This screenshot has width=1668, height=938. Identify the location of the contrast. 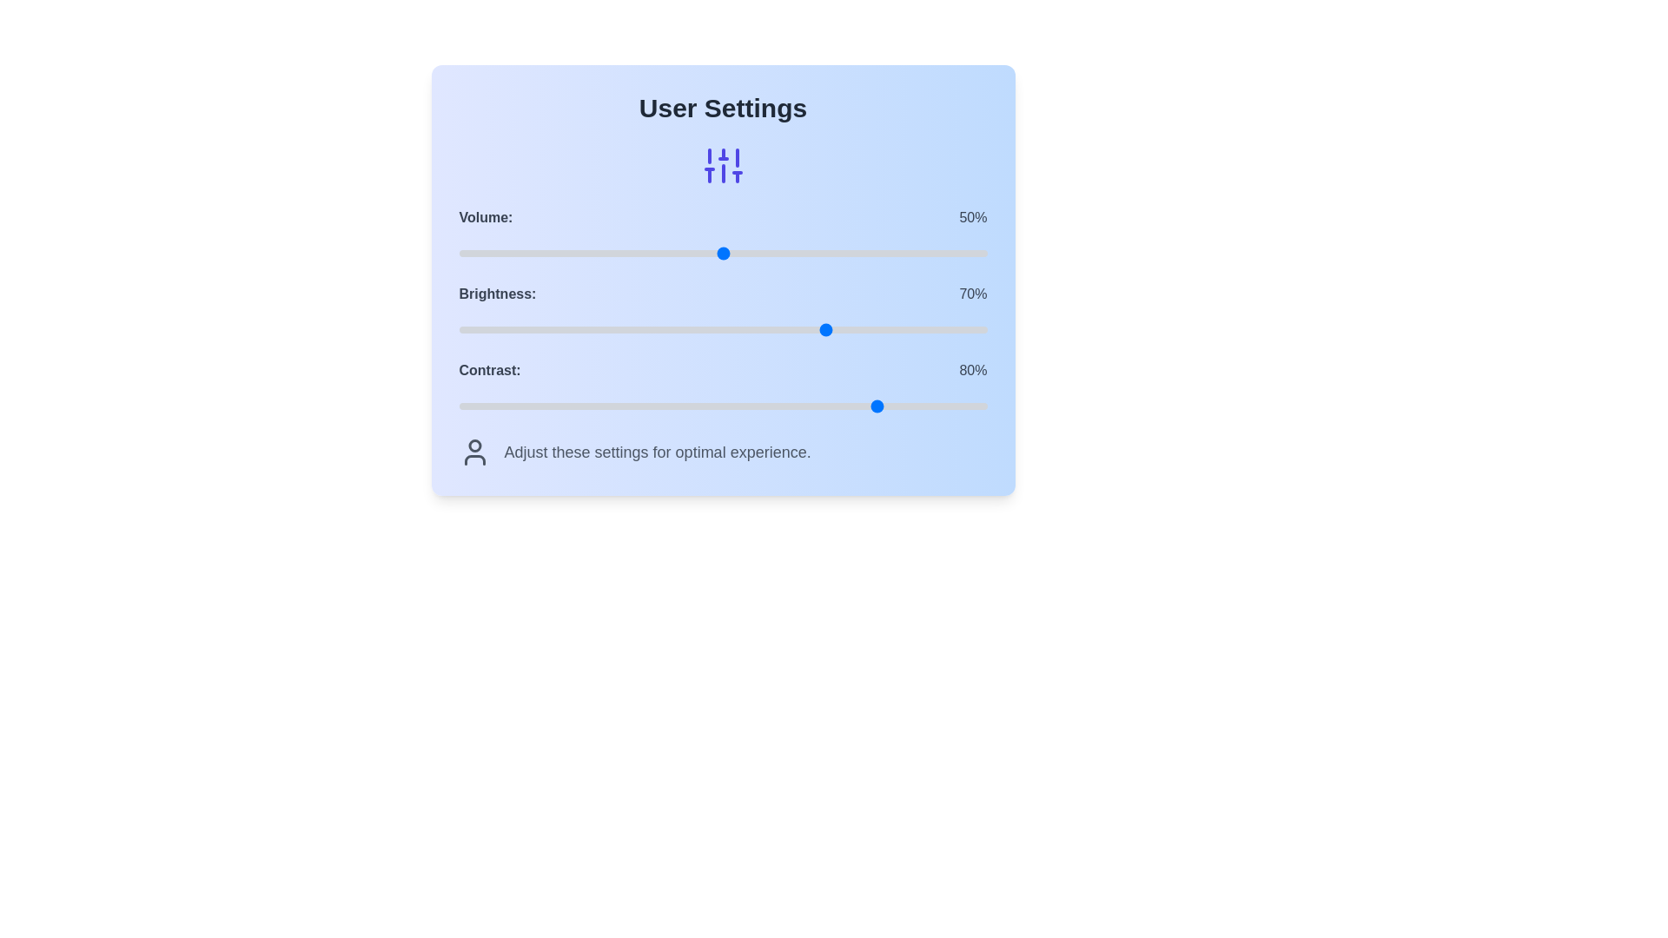
(738, 406).